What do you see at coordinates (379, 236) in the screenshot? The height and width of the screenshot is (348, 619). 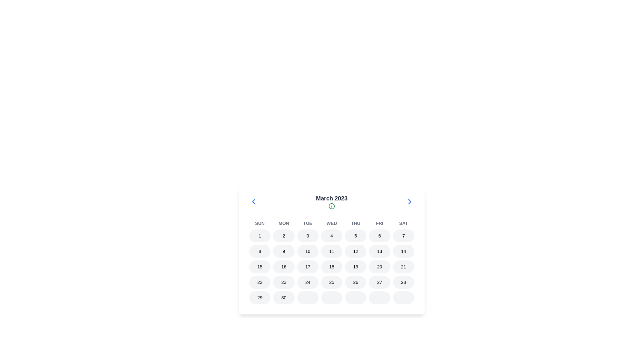 I see `the circular button with a light gray background and the number '6' displayed in black` at bounding box center [379, 236].